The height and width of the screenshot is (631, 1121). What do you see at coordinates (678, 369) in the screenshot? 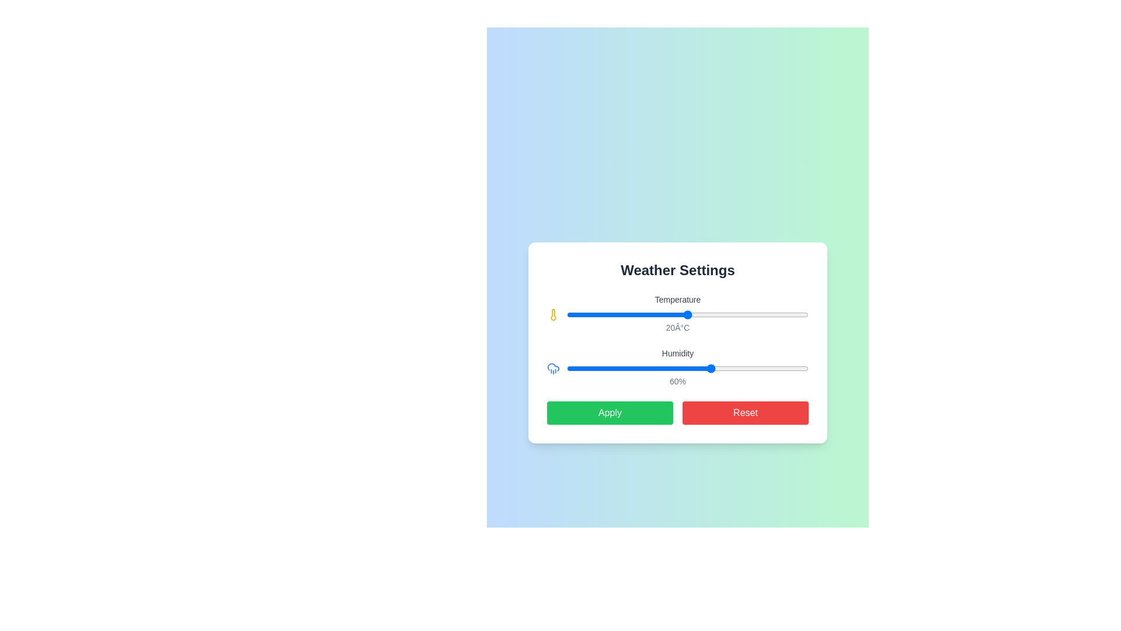
I see `the horizontal slider bar located below the 'Humidity' label and above the '60%' text for keyboard interaction` at bounding box center [678, 369].